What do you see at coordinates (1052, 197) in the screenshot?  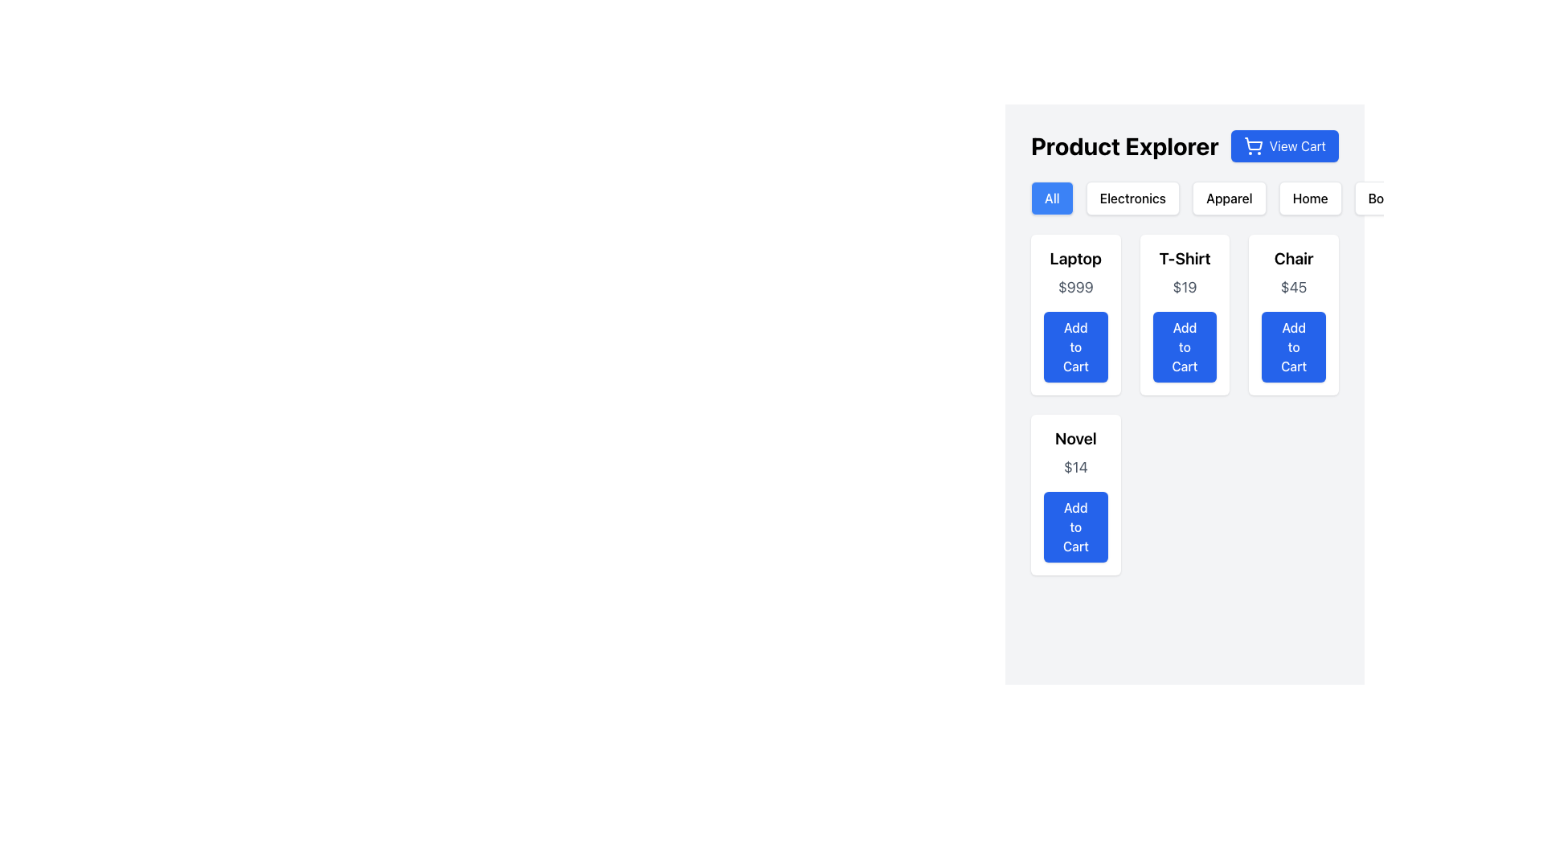 I see `the category filter button located under the 'Product Explorer' title` at bounding box center [1052, 197].